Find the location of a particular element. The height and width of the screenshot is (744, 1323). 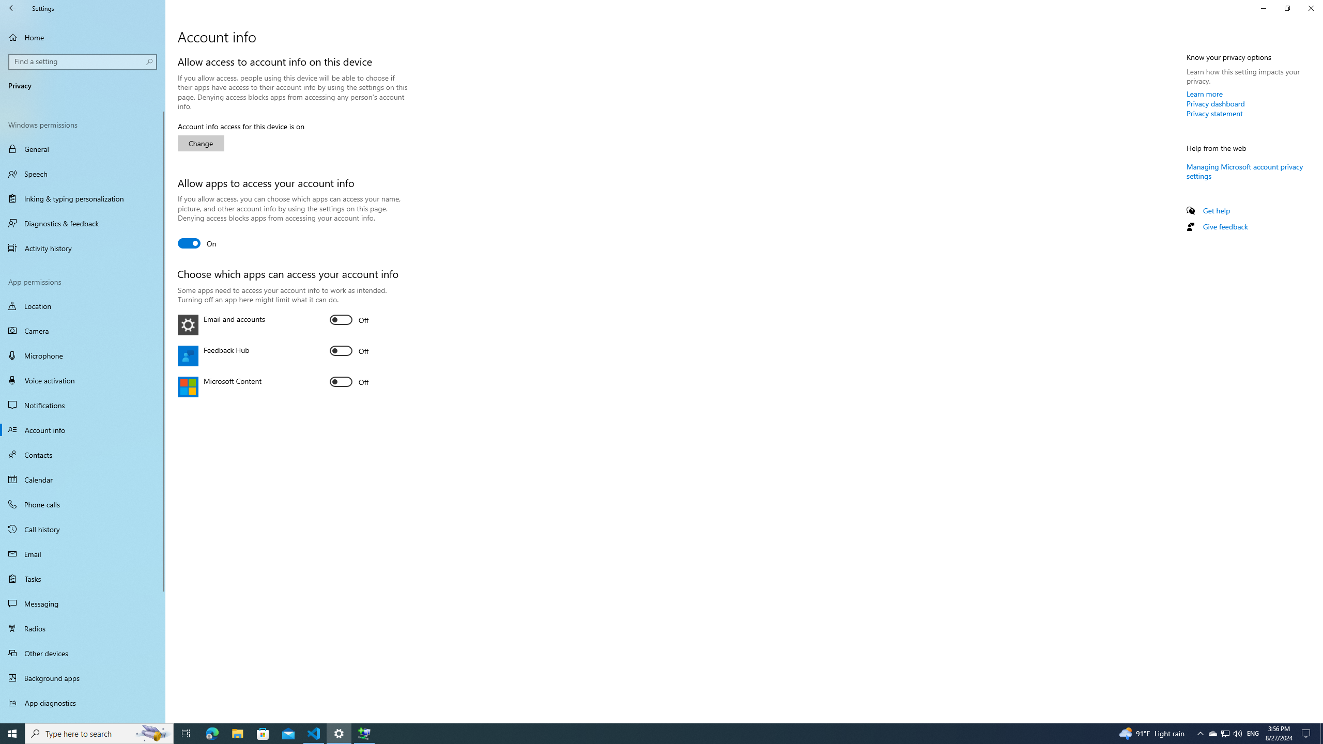

'Automatic file downloads' is located at coordinates (82, 718).